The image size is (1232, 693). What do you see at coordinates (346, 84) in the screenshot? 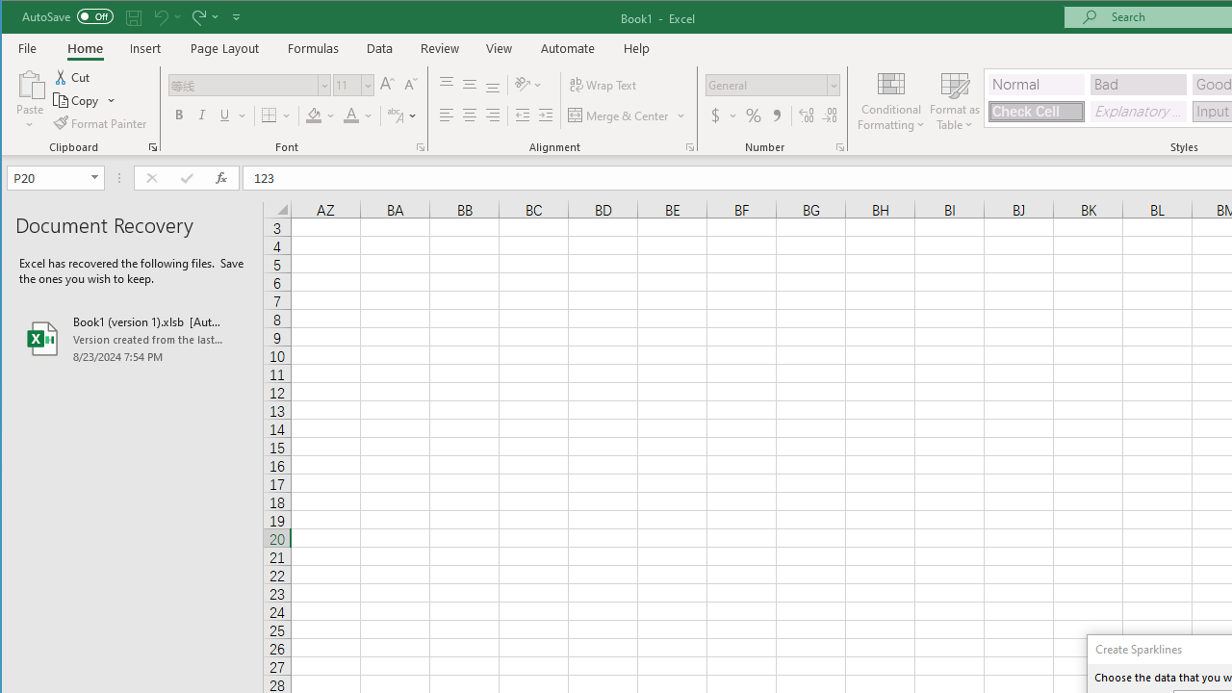
I see `'Font Size'` at bounding box center [346, 84].